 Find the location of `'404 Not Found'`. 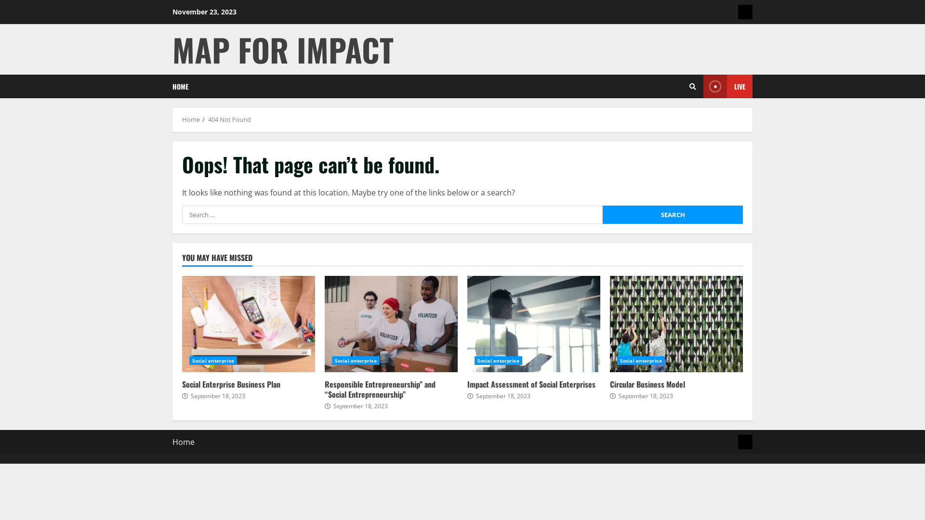

'404 Not Found' is located at coordinates (229, 118).